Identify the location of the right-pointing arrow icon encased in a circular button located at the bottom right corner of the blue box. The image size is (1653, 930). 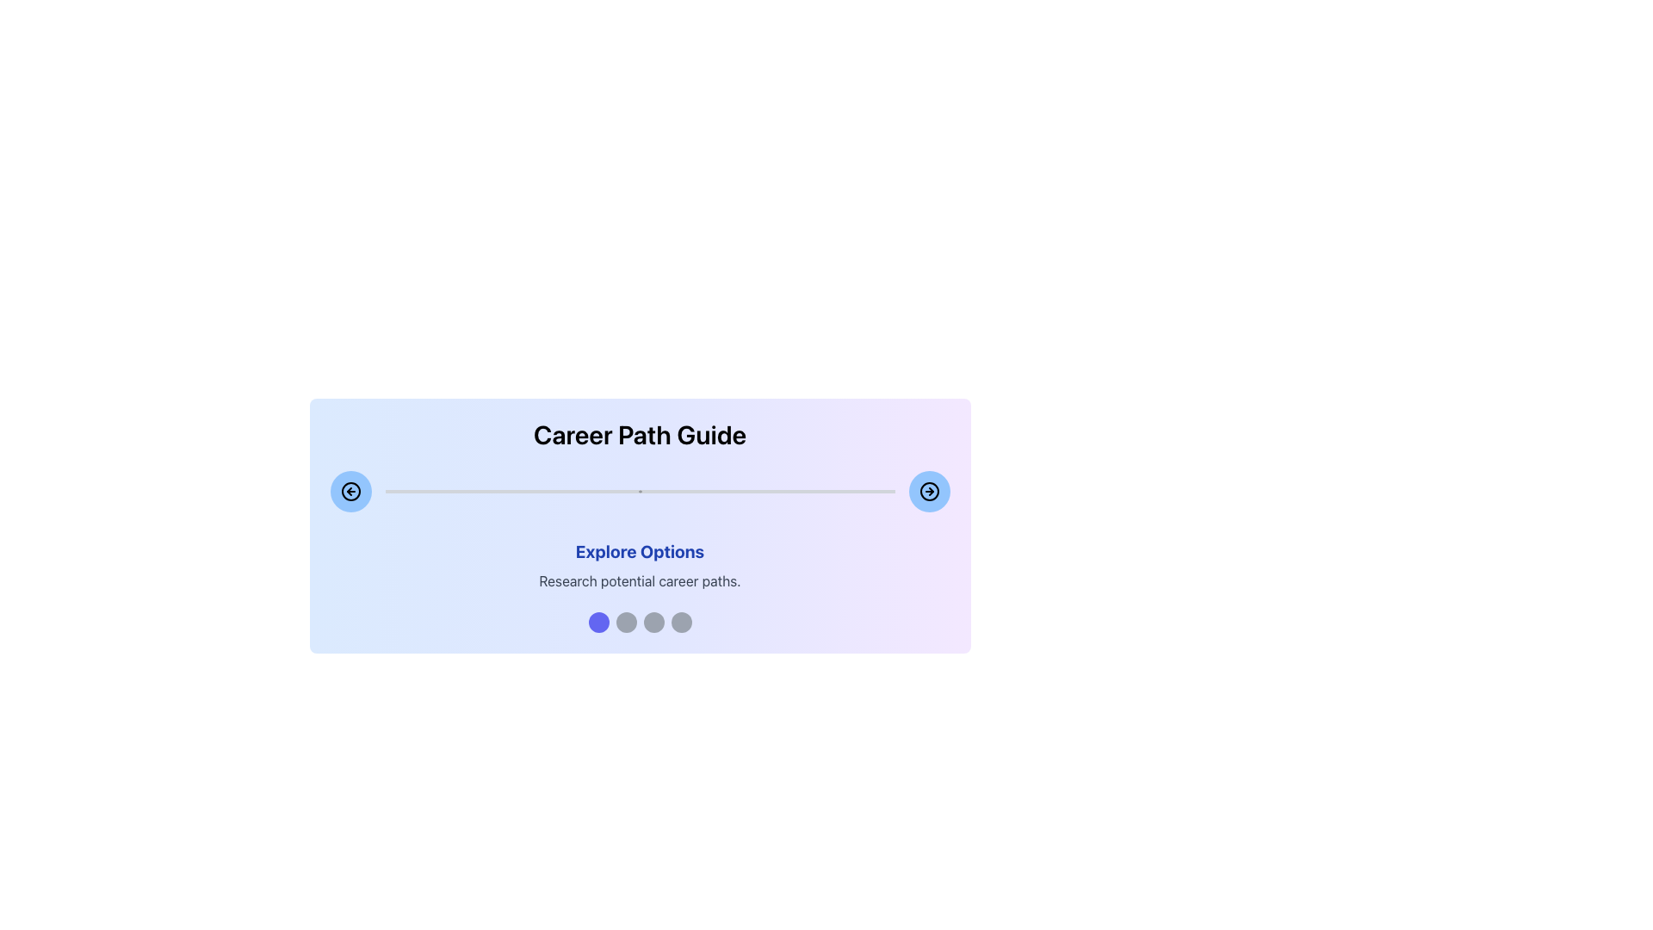
(928, 491).